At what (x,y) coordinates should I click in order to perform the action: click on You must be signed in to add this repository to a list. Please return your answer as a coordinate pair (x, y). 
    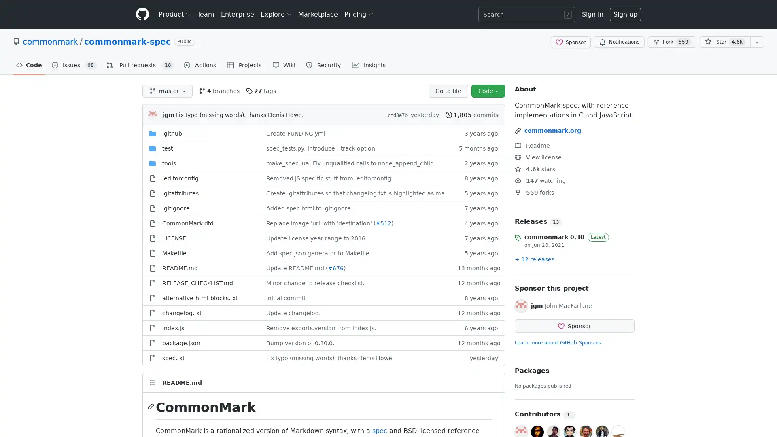
    Looking at the image, I should click on (757, 42).